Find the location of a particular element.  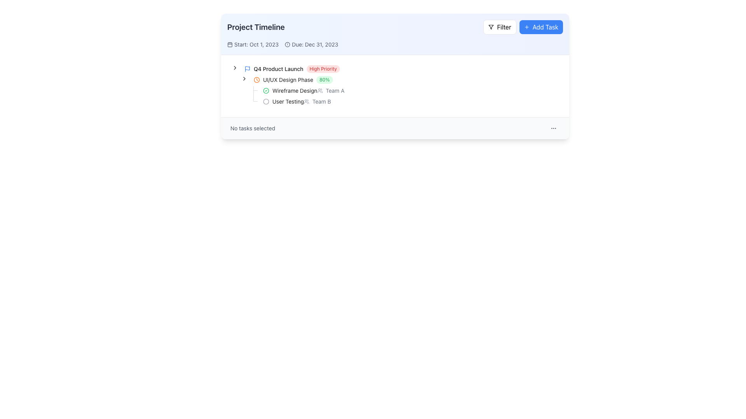

the small, circular icon resembling a group of users, located to the left of the text 'Team A' in the 'UI/UX Design Phase' section of the 'Project Timeline' interface is located at coordinates (320, 90).